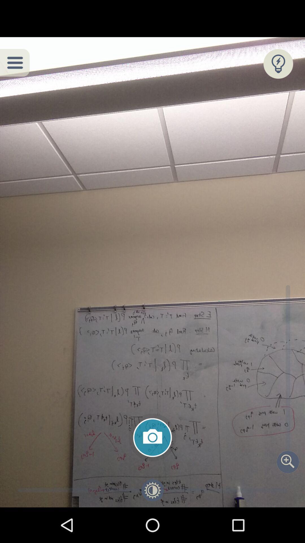 Image resolution: width=305 pixels, height=543 pixels. Describe the element at coordinates (152, 437) in the screenshot. I see `the photo icon` at that location.